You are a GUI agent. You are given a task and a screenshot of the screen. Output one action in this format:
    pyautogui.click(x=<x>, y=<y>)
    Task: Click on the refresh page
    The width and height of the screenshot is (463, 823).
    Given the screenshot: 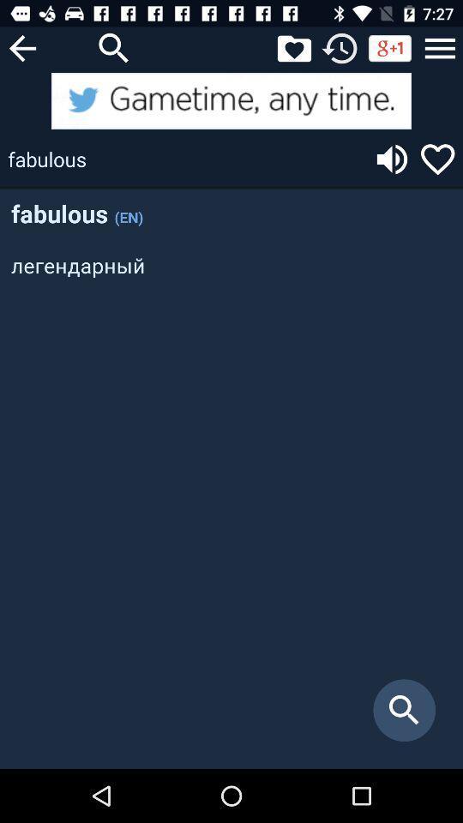 What is the action you would take?
    pyautogui.click(x=340, y=47)
    